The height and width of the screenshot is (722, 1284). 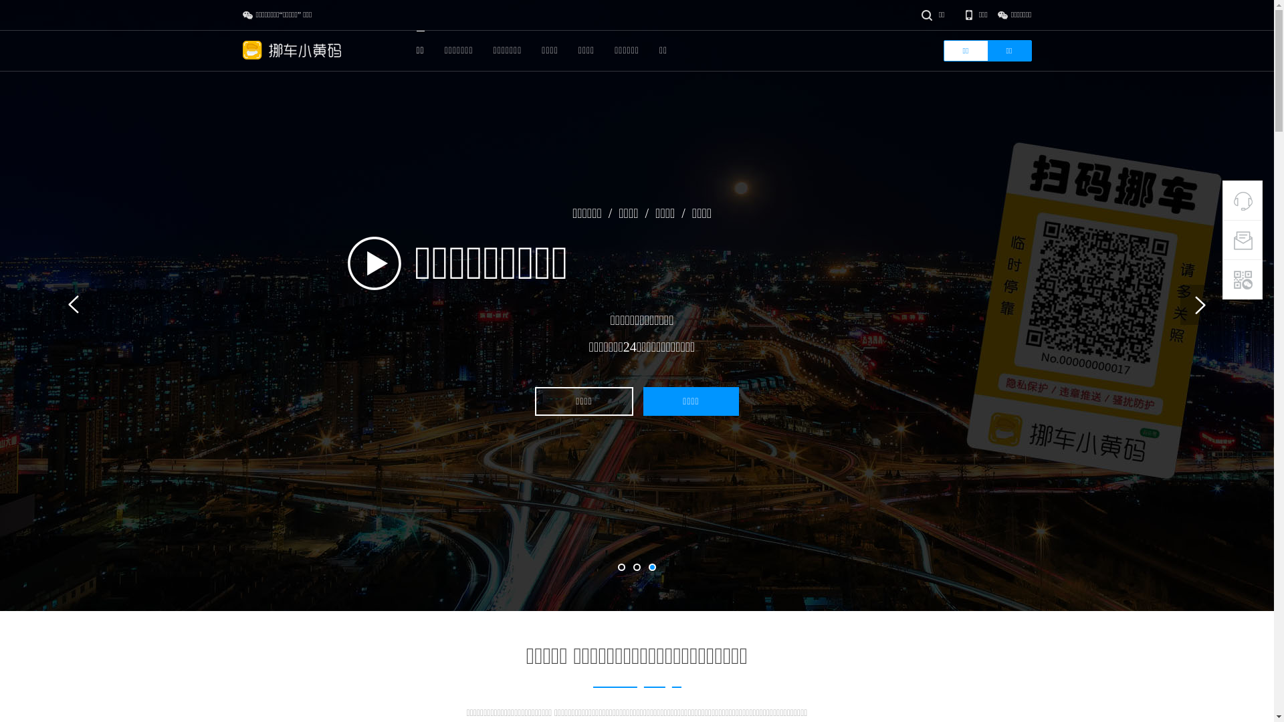 What do you see at coordinates (863, 24) in the screenshot?
I see `'true'` at bounding box center [863, 24].